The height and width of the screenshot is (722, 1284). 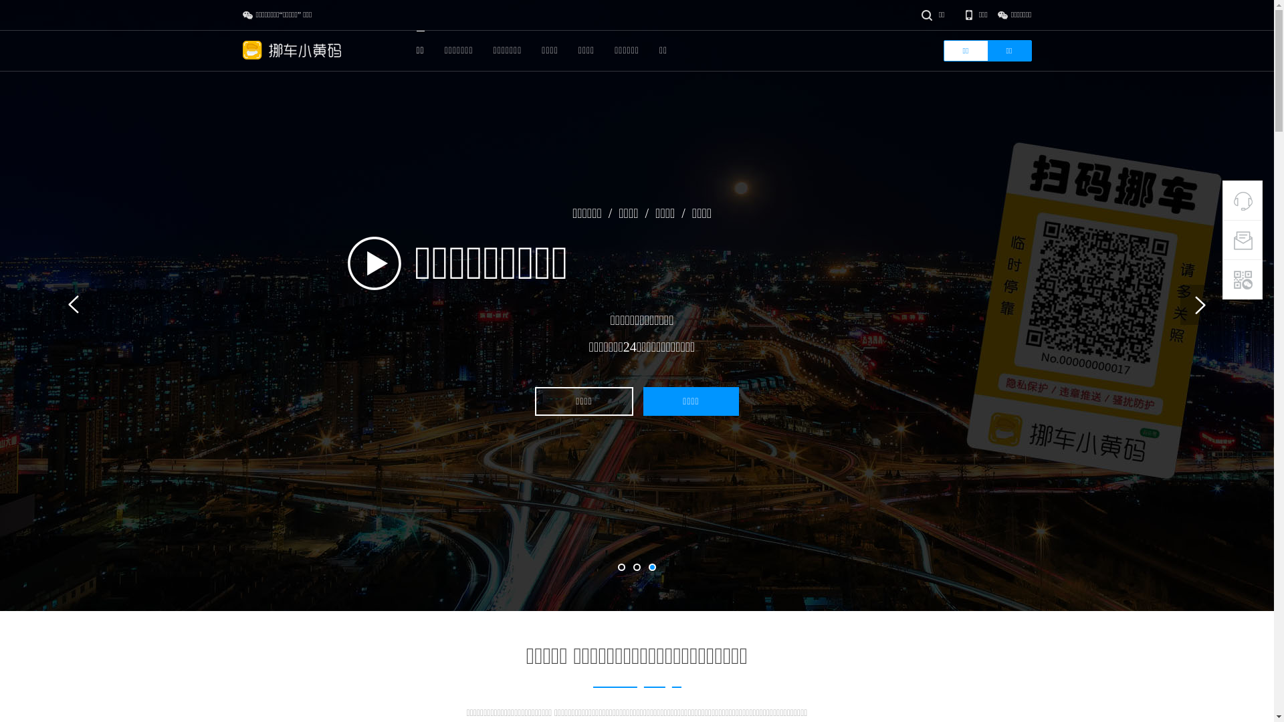 What do you see at coordinates (863, 24) in the screenshot?
I see `'true'` at bounding box center [863, 24].